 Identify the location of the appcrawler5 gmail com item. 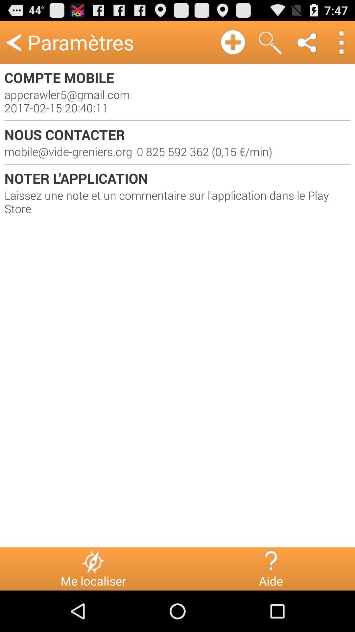
(177, 101).